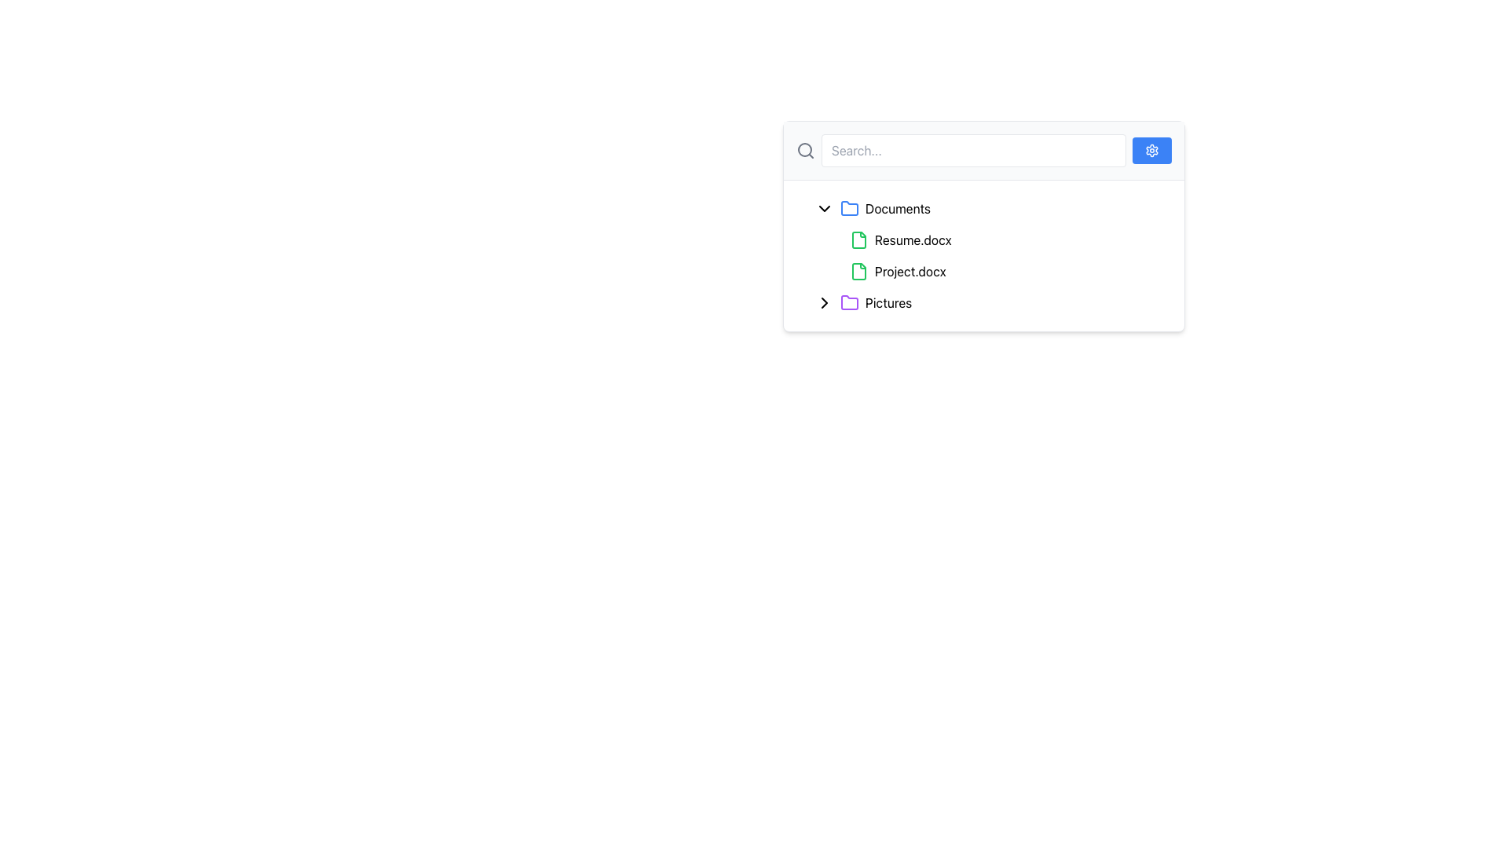 This screenshot has height=848, width=1508. Describe the element at coordinates (824, 302) in the screenshot. I see `the chevron-right arrow icon located to the left of the 'Pictures' folder entry in the sidebar menu` at that location.